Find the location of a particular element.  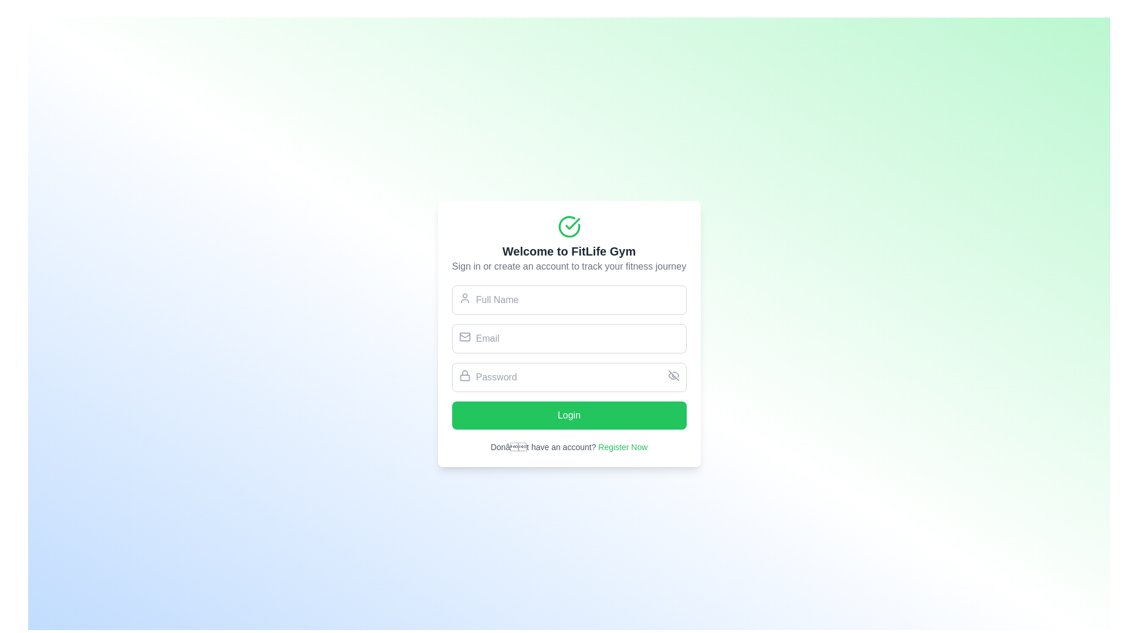

the decorative icon located on the left side of the 'Full Name' input field, which indicates that the field is for entering a user's full name is located at coordinates (464, 298).